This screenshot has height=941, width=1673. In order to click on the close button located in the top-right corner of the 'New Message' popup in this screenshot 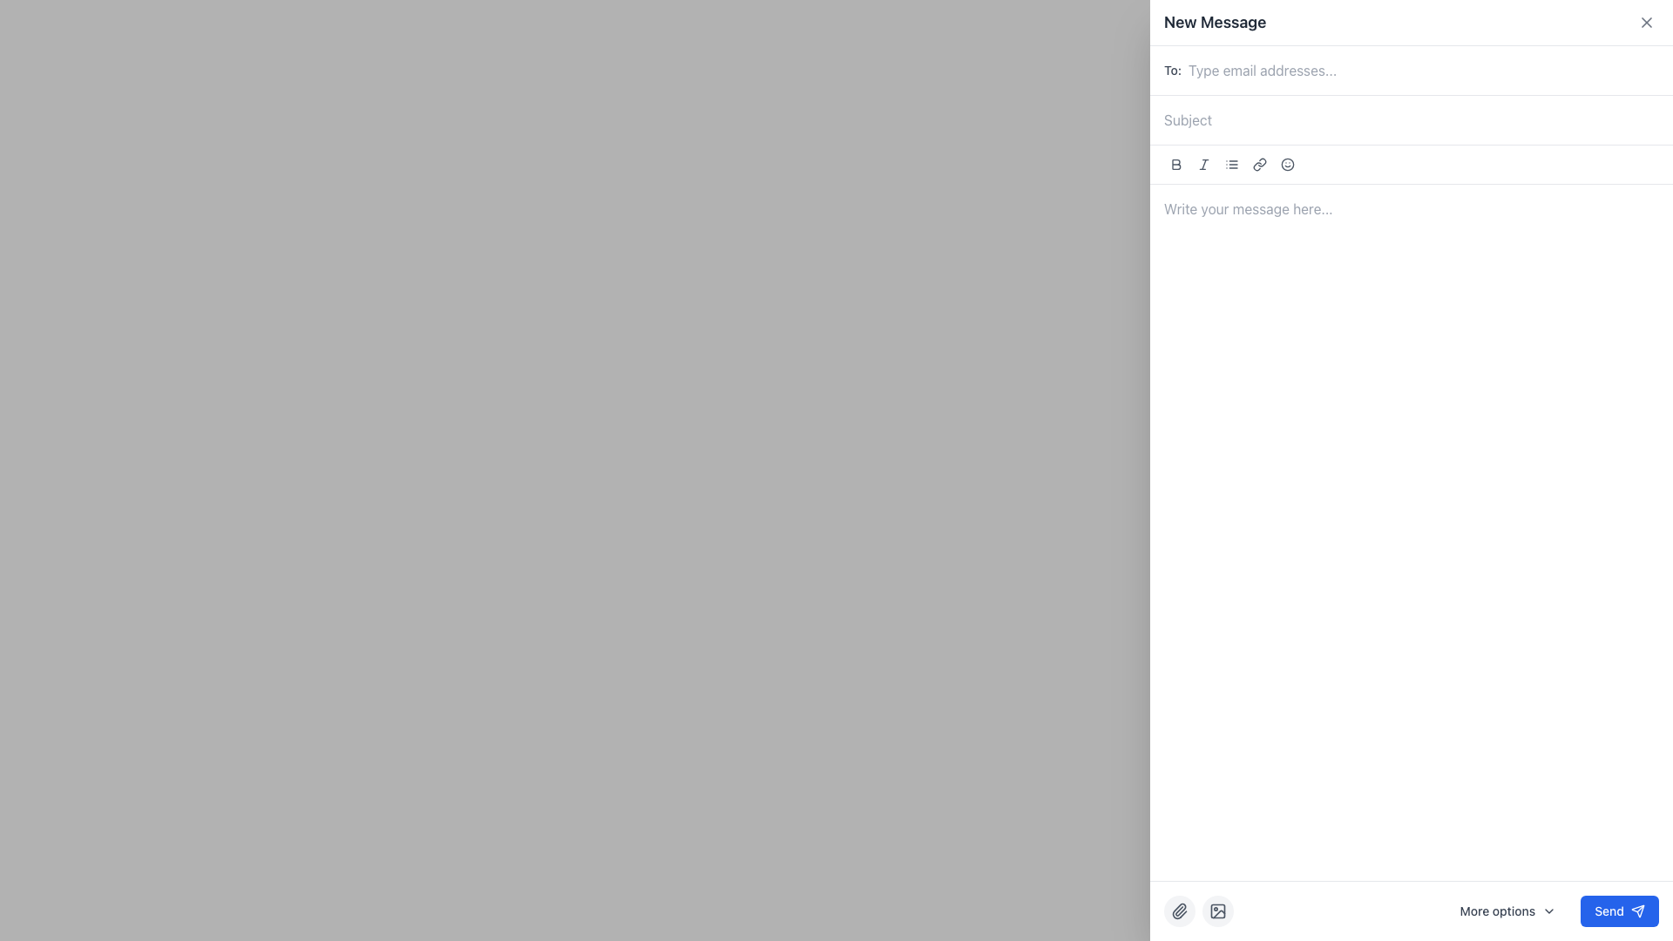, I will do `click(1646, 23)`.